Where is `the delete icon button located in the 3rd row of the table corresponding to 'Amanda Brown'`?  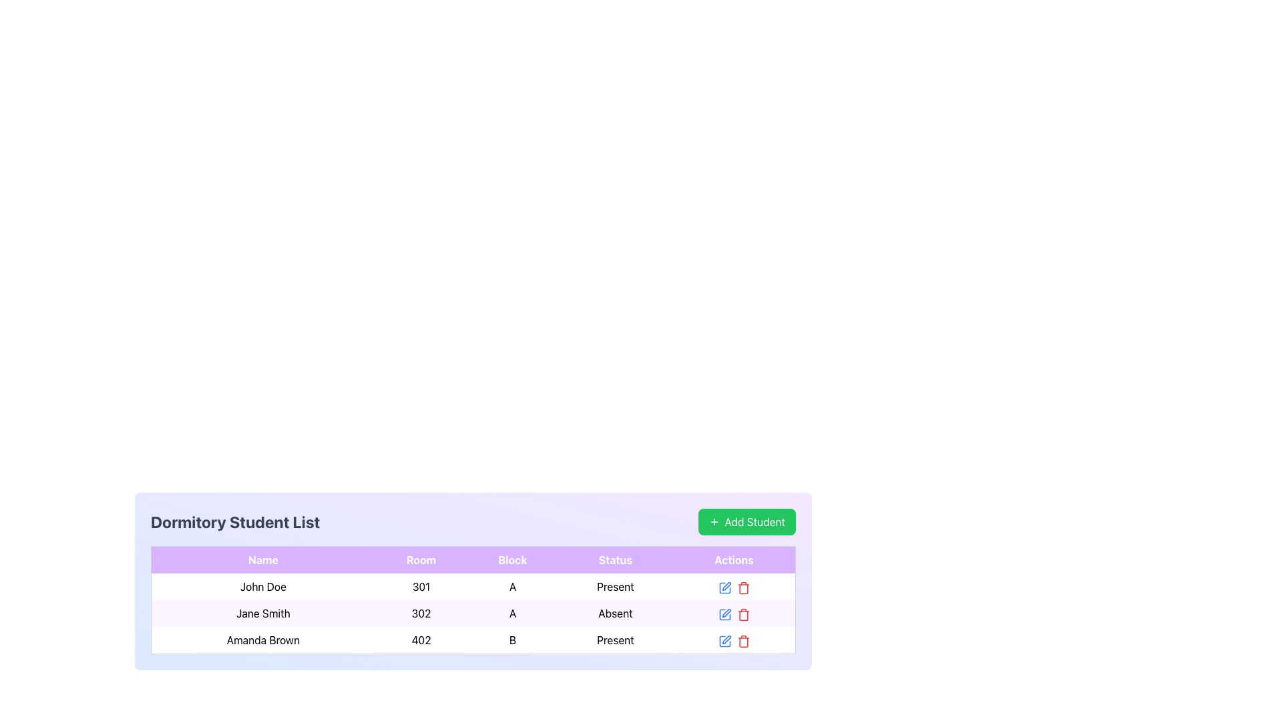
the delete icon button located in the 3rd row of the table corresponding to 'Amanda Brown' is located at coordinates (742, 640).